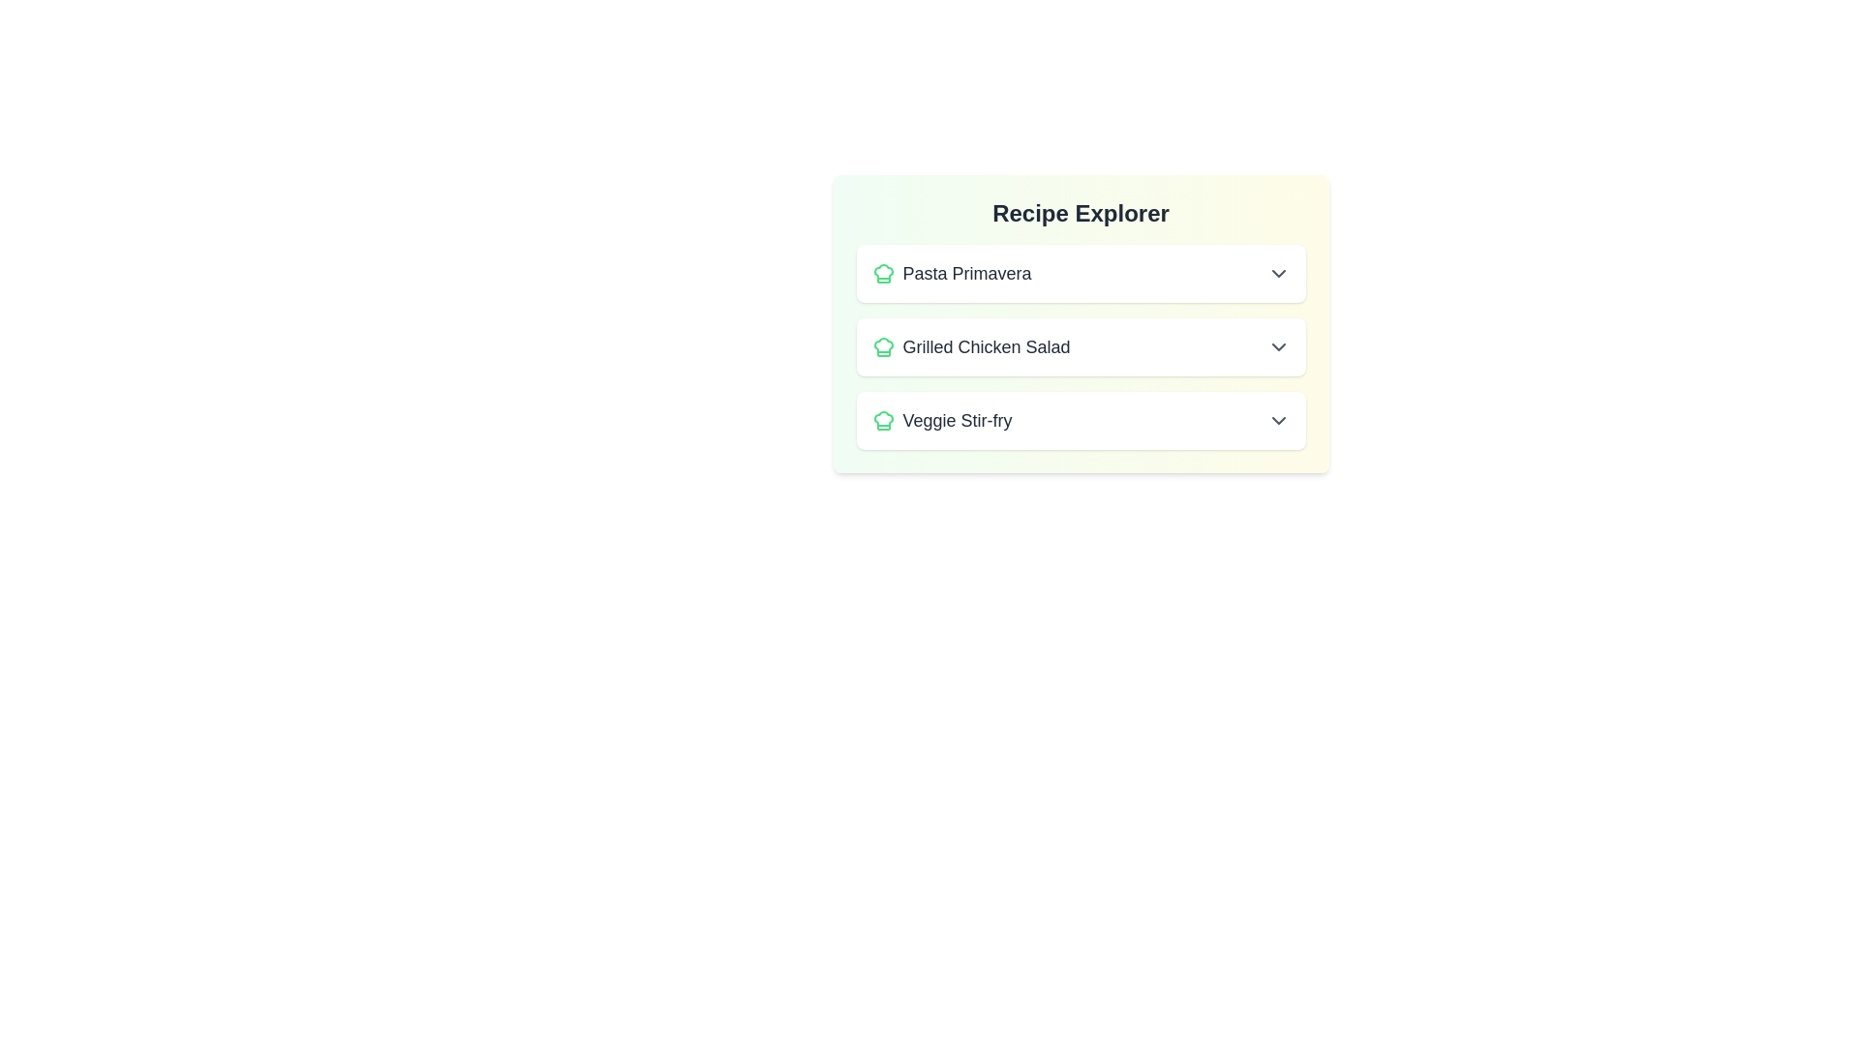 The width and height of the screenshot is (1859, 1045). What do you see at coordinates (1278, 273) in the screenshot?
I see `the button with the 'ChevronUp' icon to collapse the expanded recipe` at bounding box center [1278, 273].